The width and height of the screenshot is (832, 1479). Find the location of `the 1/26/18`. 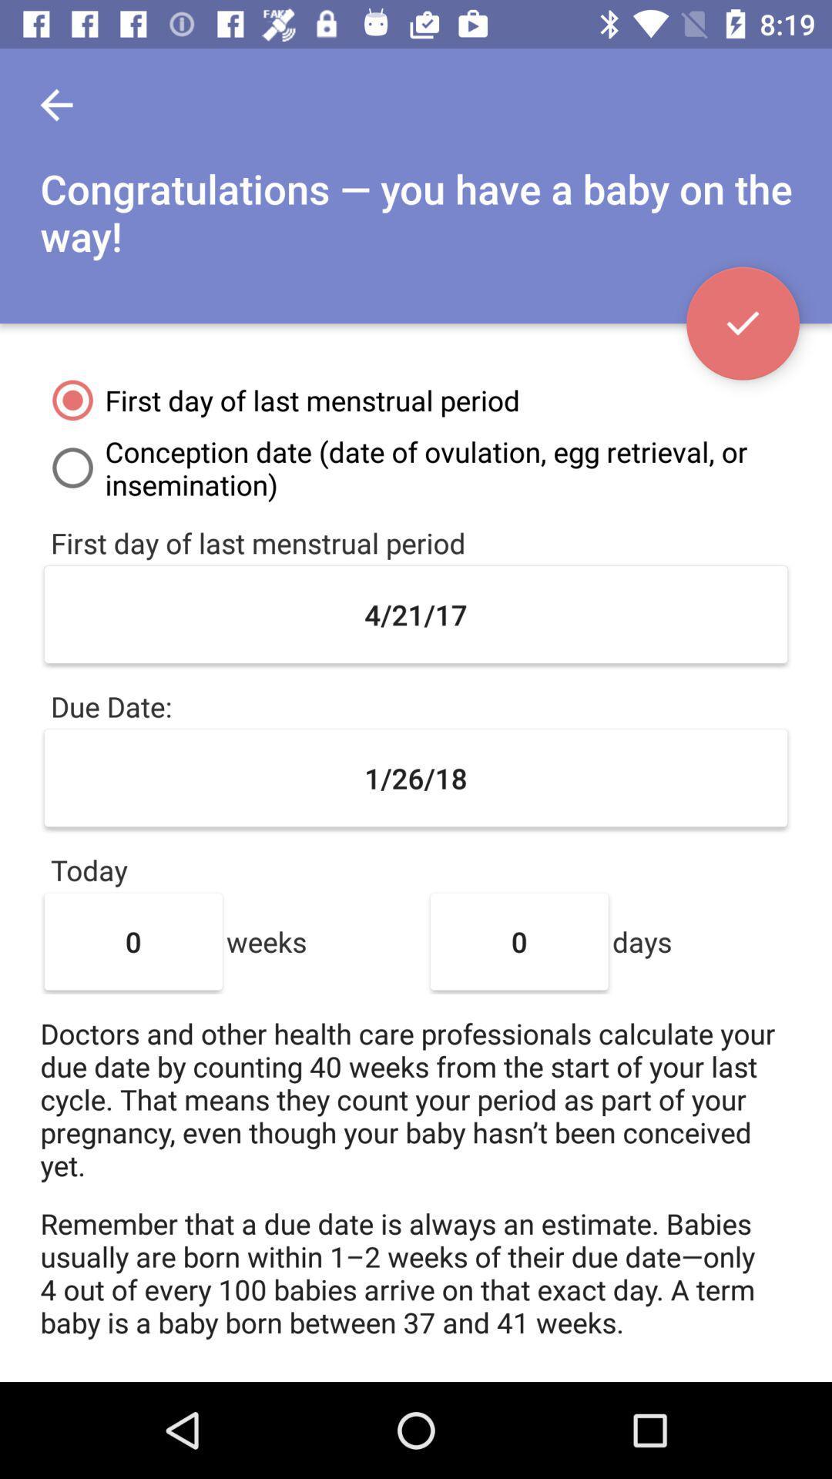

the 1/26/18 is located at coordinates (416, 778).